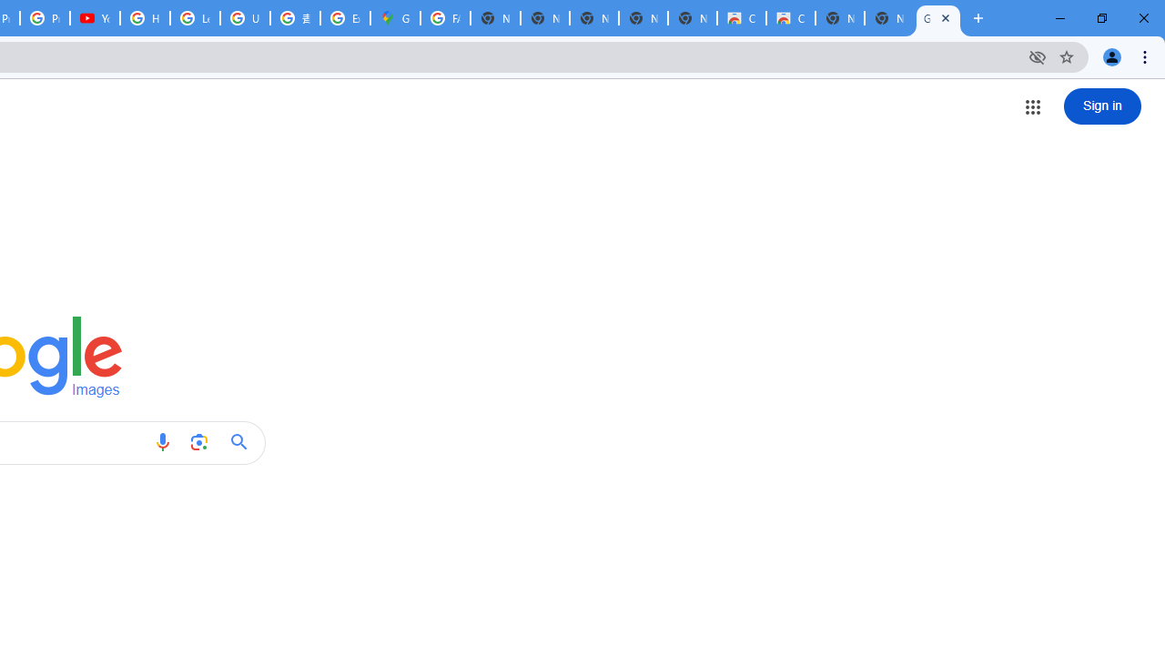 Image resolution: width=1165 pixels, height=655 pixels. What do you see at coordinates (888, 18) in the screenshot?
I see `'New Tab'` at bounding box center [888, 18].